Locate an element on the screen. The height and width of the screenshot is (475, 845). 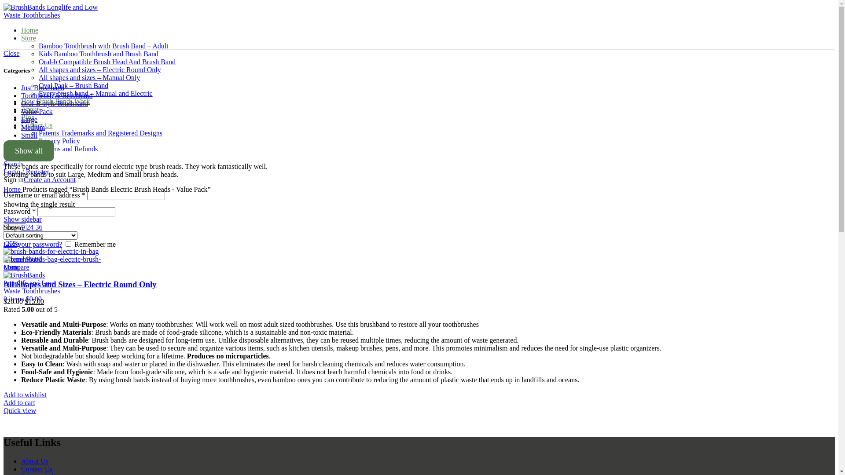
'Create an Account' is located at coordinates (49, 179).